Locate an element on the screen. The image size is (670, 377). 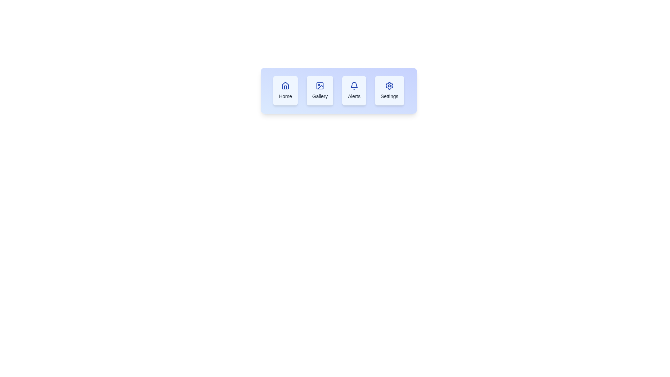
any option in the navigation bar is located at coordinates (338, 90).